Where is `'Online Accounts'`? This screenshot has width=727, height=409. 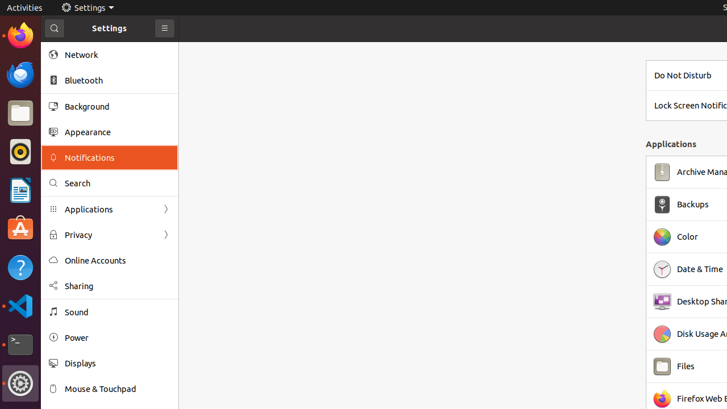 'Online Accounts' is located at coordinates (117, 260).